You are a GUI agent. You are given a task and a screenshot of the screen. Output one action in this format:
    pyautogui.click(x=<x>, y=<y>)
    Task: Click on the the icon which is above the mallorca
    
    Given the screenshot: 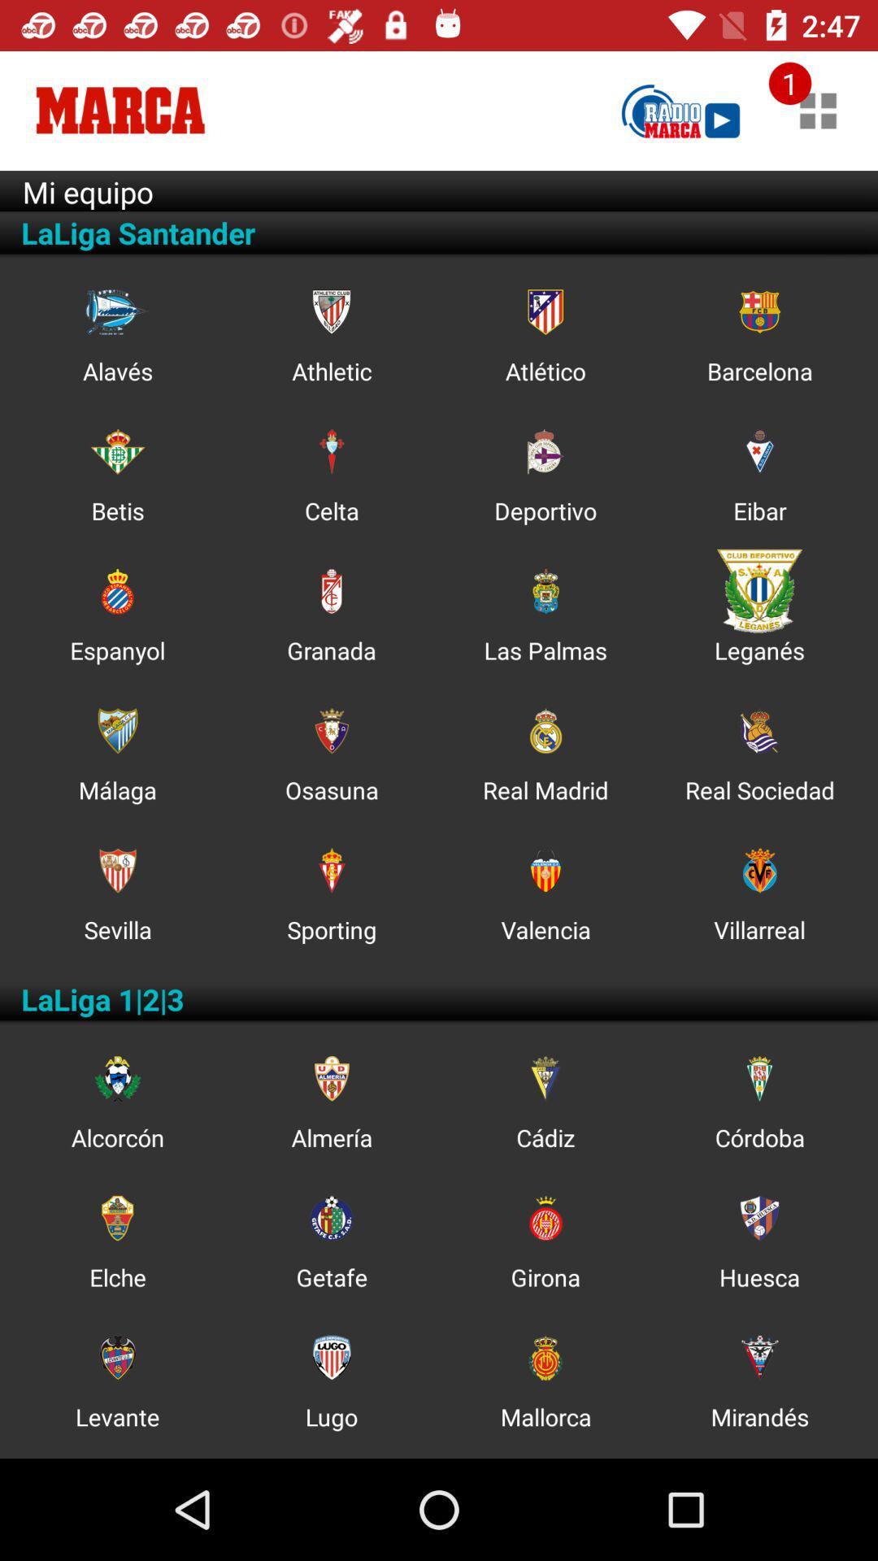 What is the action you would take?
    pyautogui.click(x=545, y=1358)
    